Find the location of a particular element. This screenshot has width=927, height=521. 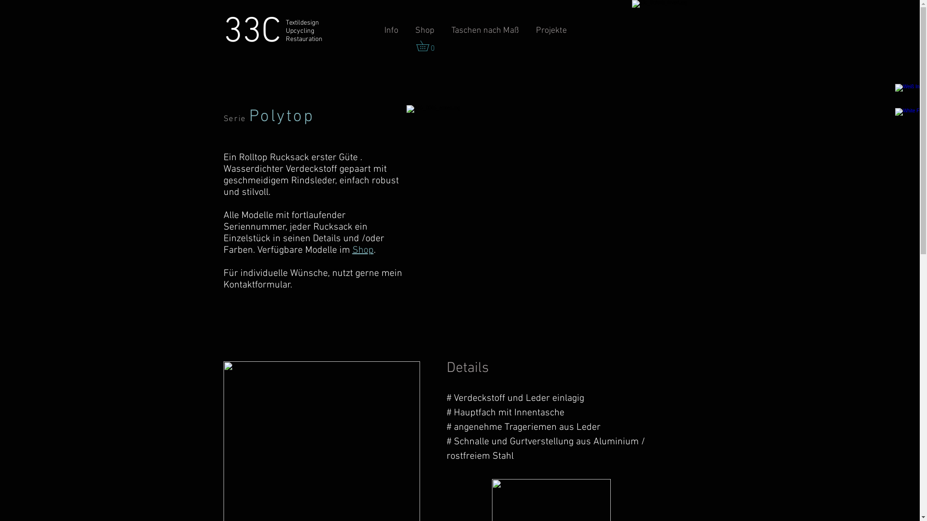

'IMG_0085.jpg' is located at coordinates (551, 213).